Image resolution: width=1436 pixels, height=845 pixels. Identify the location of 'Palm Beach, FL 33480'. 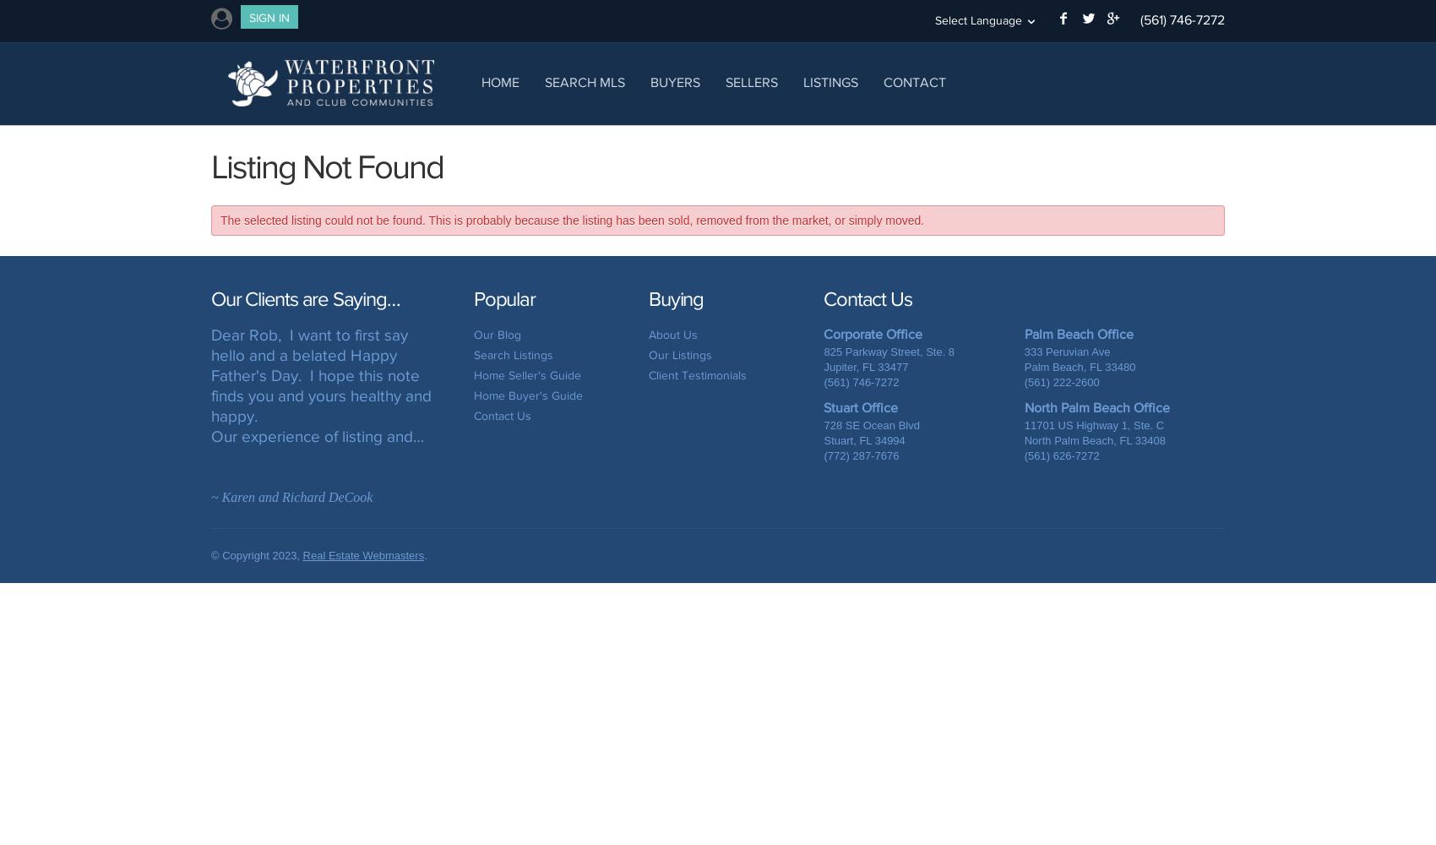
(1022, 366).